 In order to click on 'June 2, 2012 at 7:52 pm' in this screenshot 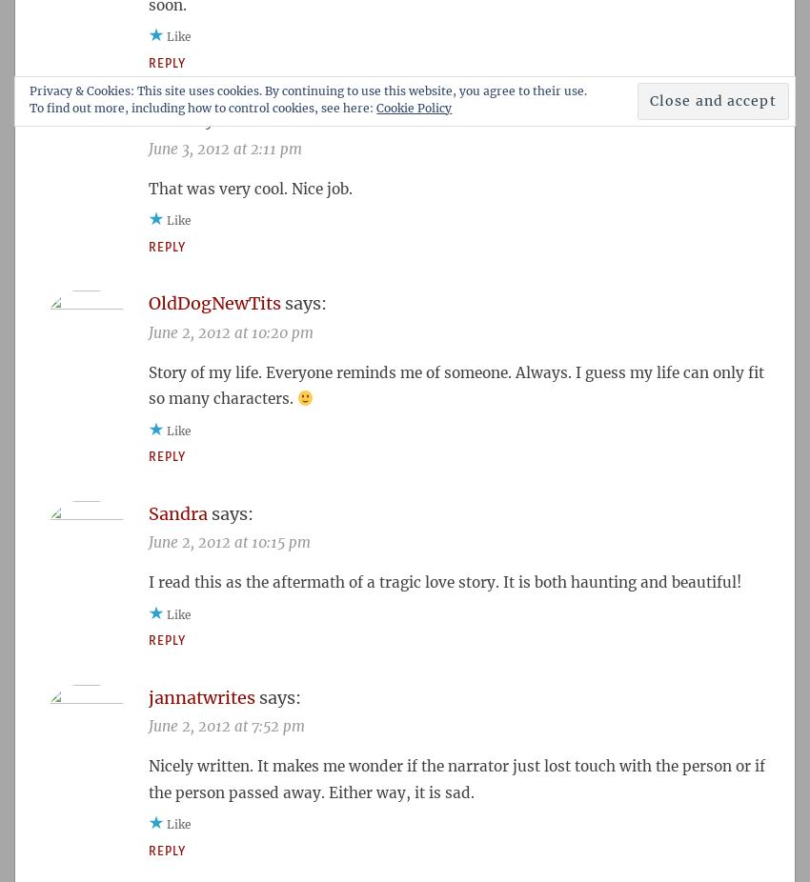, I will do `click(227, 726)`.